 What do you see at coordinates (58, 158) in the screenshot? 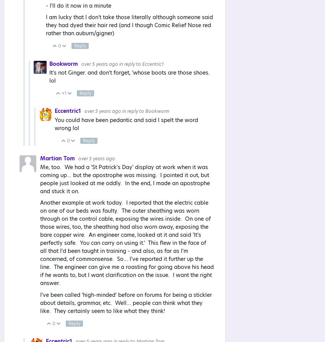
I see `'Martian Tom'` at bounding box center [58, 158].